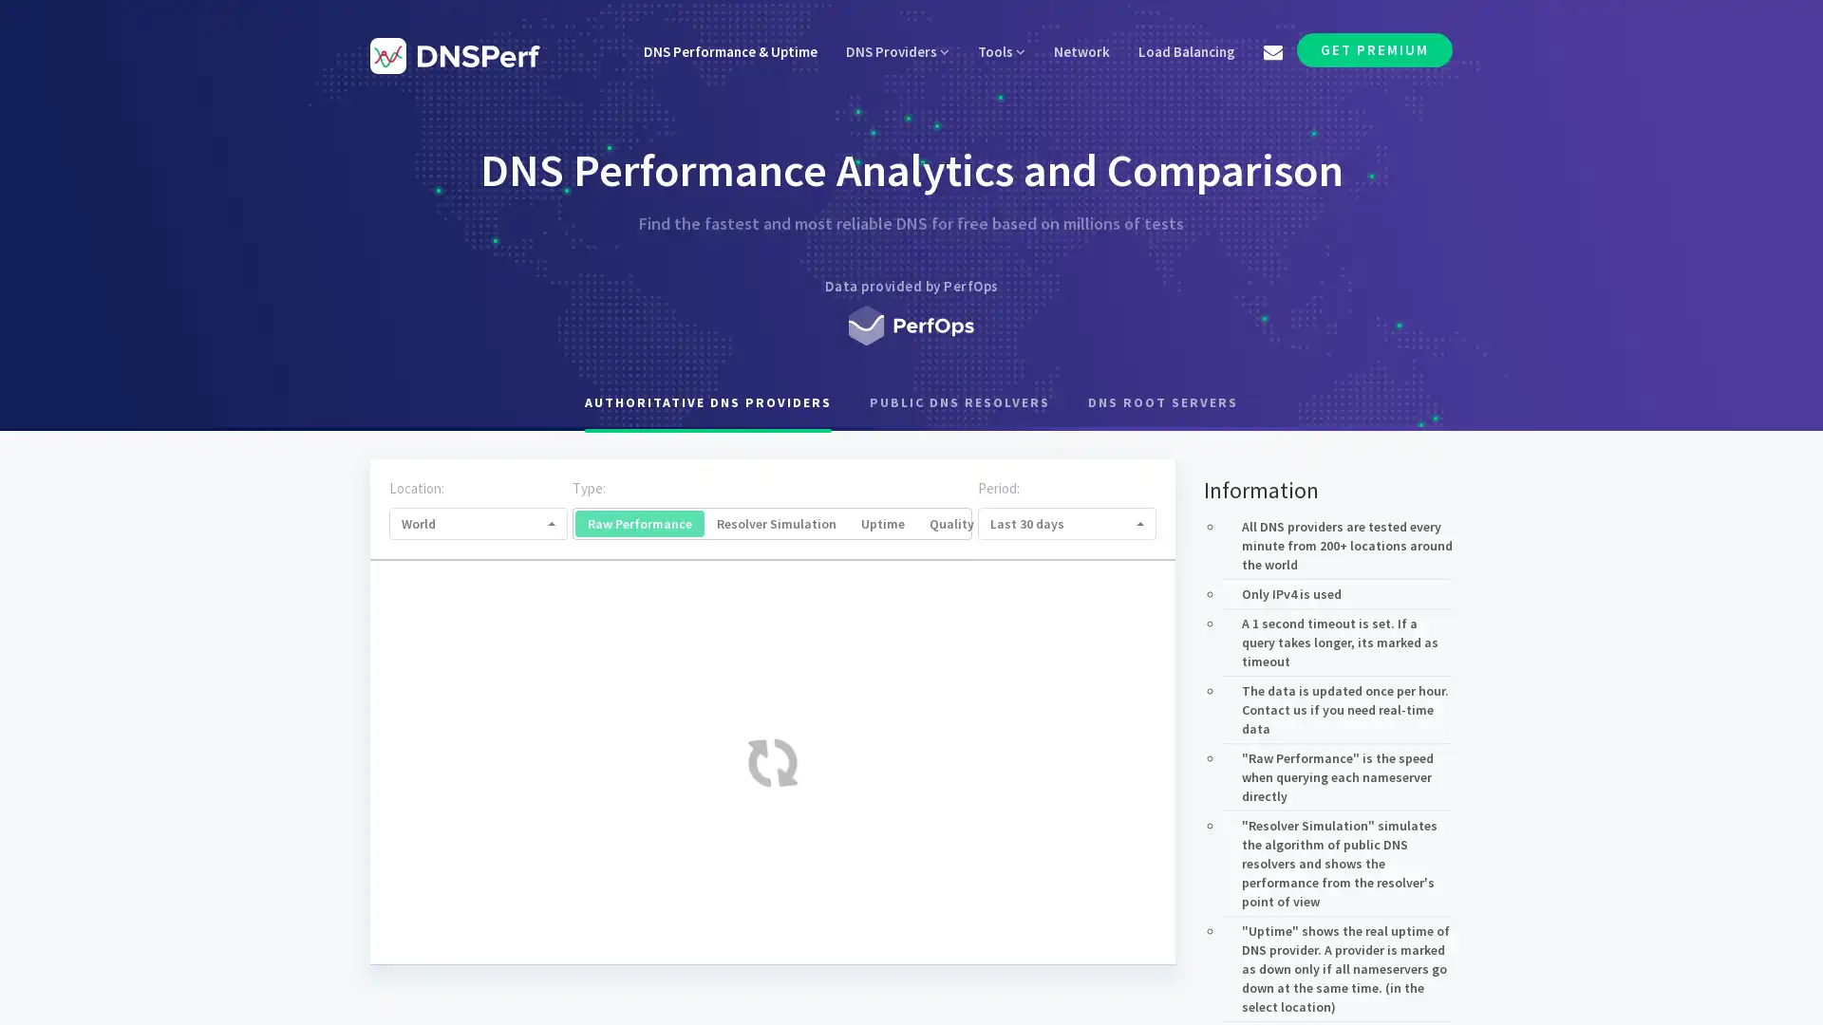  I want to click on World, so click(479, 523).